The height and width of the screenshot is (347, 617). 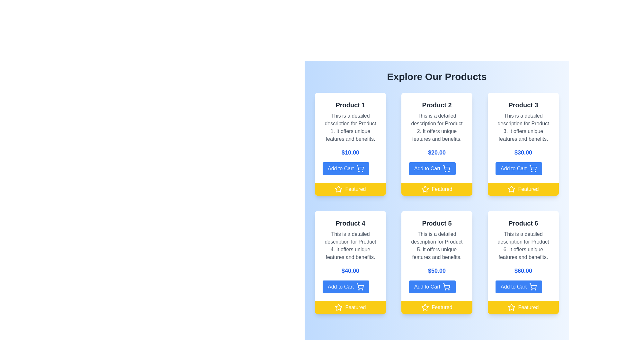 What do you see at coordinates (523, 271) in the screenshot?
I see `text of the Price Label displaying the price of 'Product 6', which is located below the product description and above the 'Add to Cart' button in the bottom-right corner of the grid layout` at bounding box center [523, 271].